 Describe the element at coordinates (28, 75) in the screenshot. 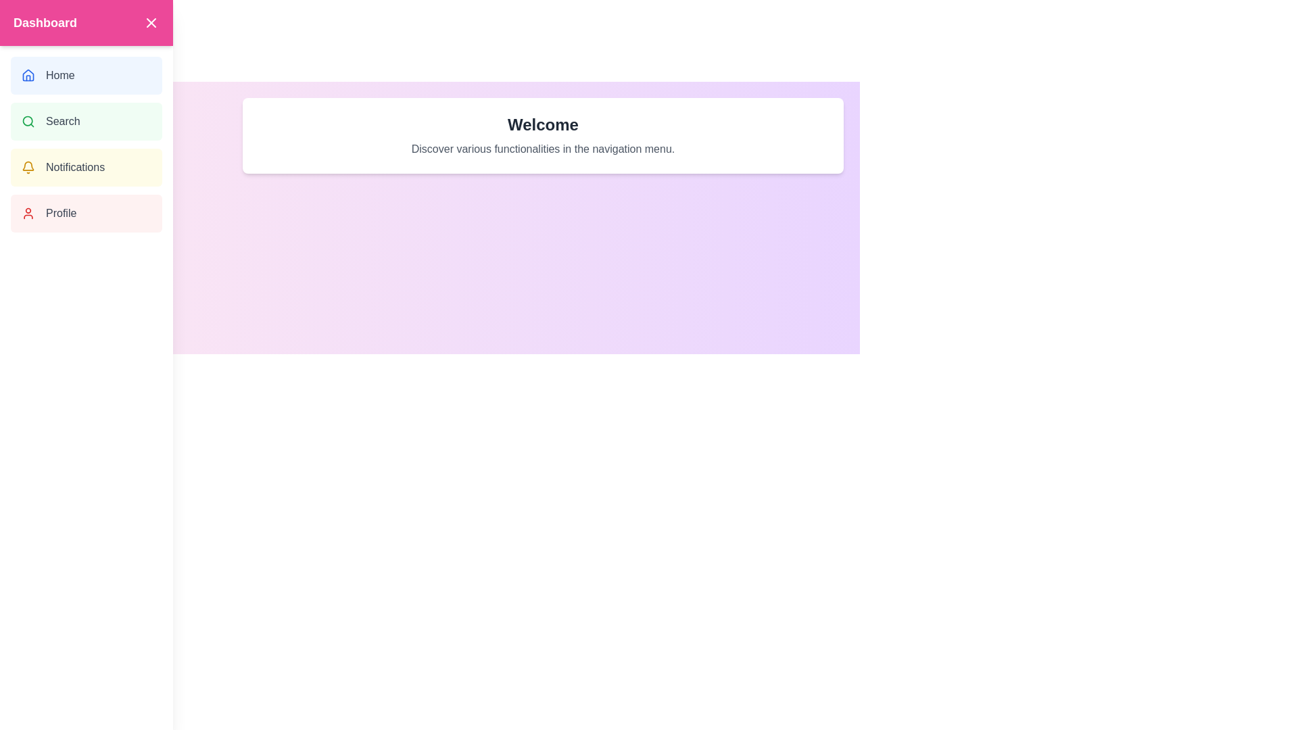

I see `the home icon in the navigation menu` at that location.